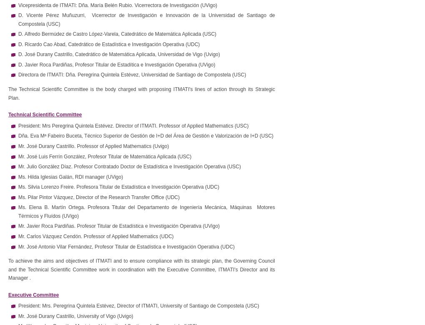  Describe the element at coordinates (17, 187) in the screenshot. I see `'Ms. Silvia Lorenzo Freire. Profesora Titular de Estadística e Investigación Operativa (UDC)'` at that location.